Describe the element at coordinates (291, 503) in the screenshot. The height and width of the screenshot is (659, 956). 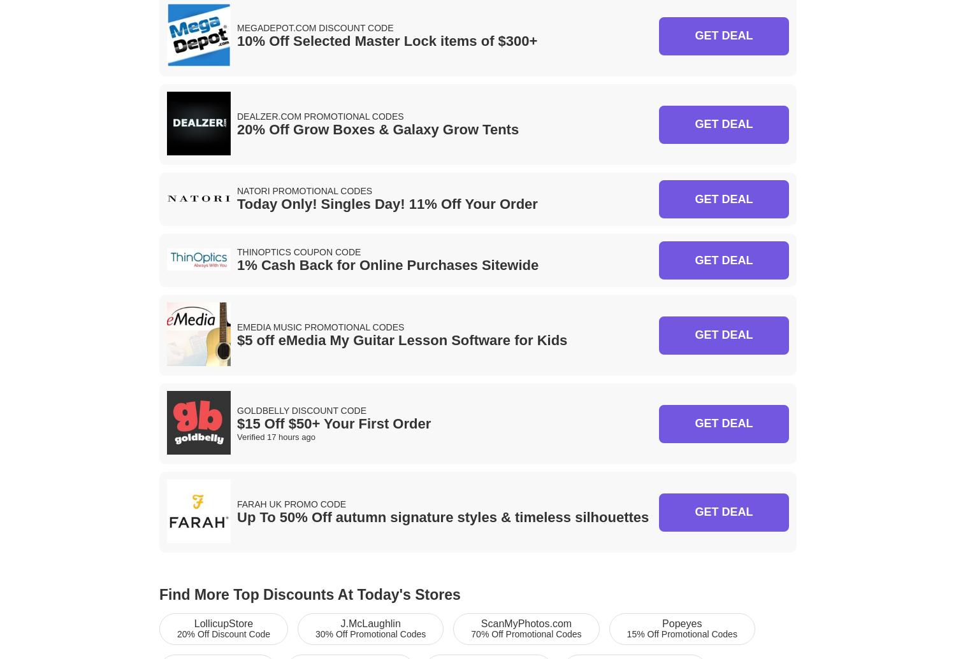
I see `'Farah UK Promo Code'` at that location.